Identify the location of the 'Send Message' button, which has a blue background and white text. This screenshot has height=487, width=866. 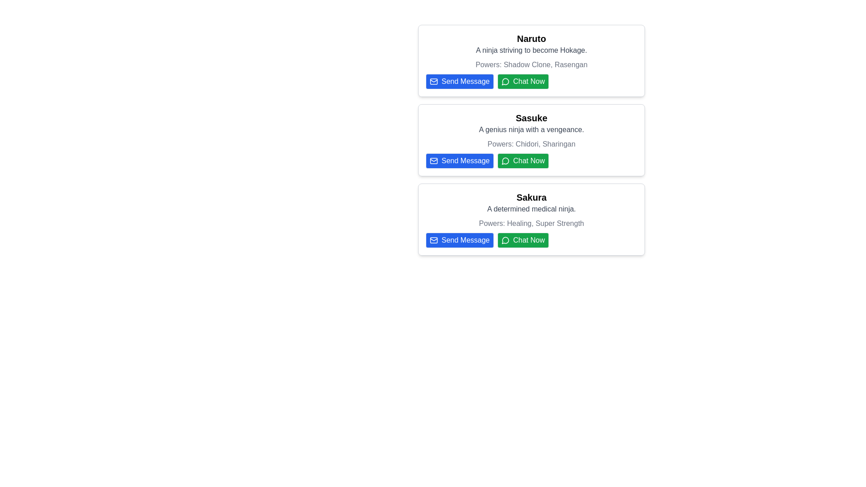
(460, 239).